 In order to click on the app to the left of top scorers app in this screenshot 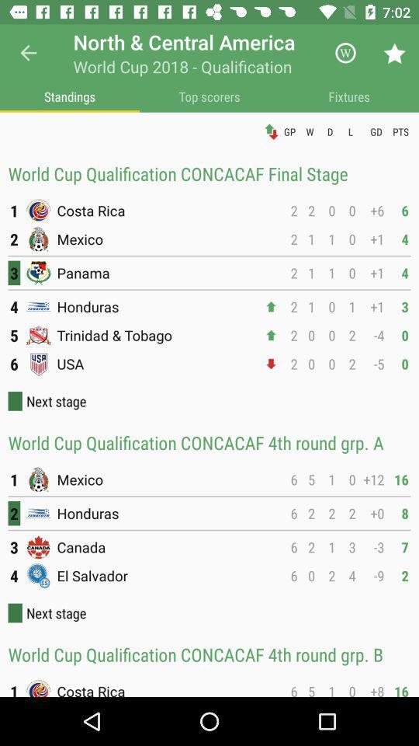, I will do `click(69, 96)`.